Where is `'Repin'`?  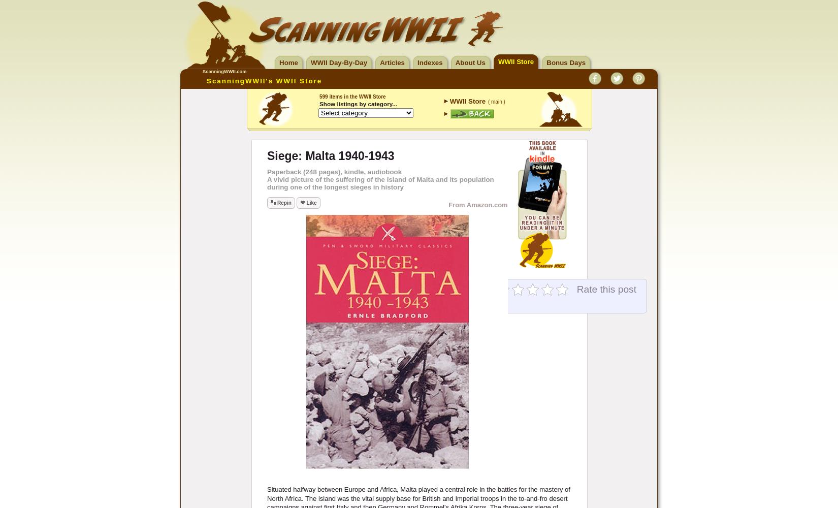 'Repin' is located at coordinates (283, 203).